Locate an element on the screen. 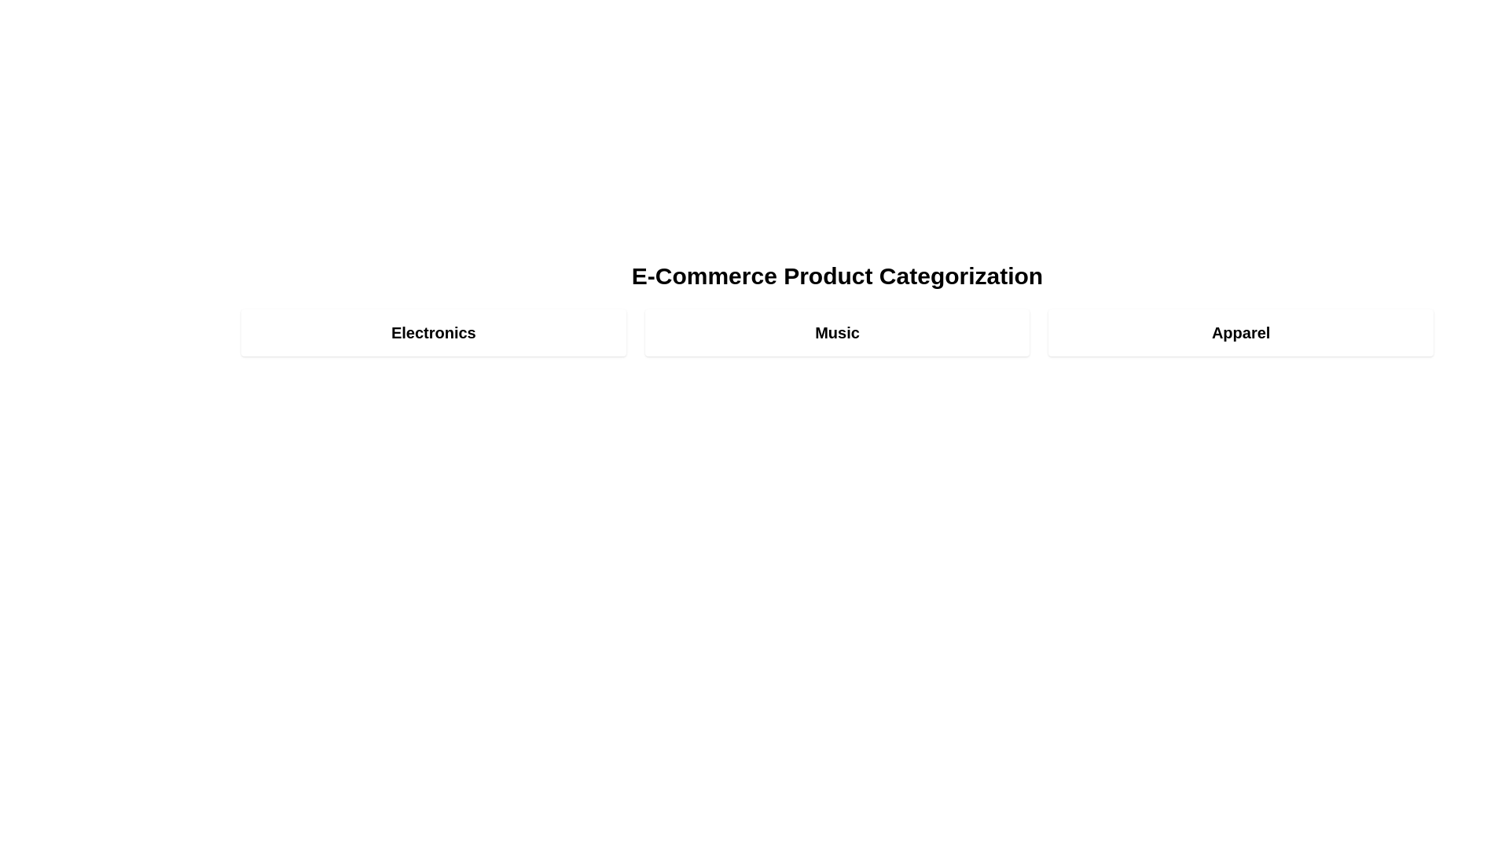 The height and width of the screenshot is (848, 1509). the category Music to view its details is located at coordinates (836, 332).